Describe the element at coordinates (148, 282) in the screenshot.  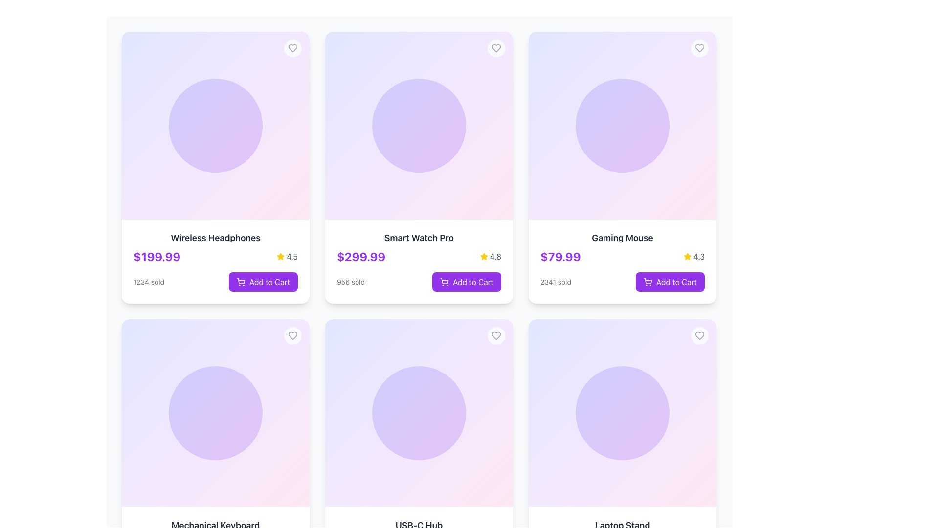
I see `sales number displayed in the text label showing '1234 sold', located below the product image and to the left of the 'Add to Cart' button` at that location.